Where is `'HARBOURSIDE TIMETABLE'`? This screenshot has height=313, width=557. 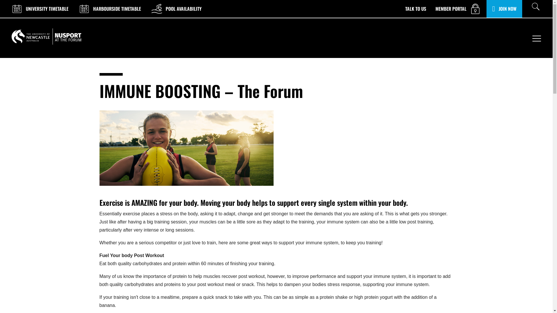 'HARBOURSIDE TIMETABLE' is located at coordinates (109, 9).